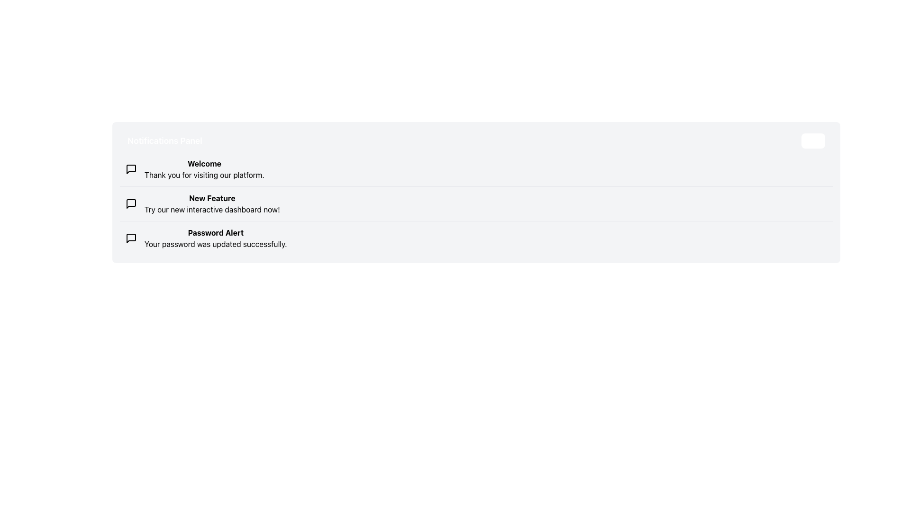 Image resolution: width=910 pixels, height=511 pixels. What do you see at coordinates (211, 209) in the screenshot?
I see `the text element that reads 'Try our new interactive dashboard now!', which is located below the bolded heading 'New Feature'` at bounding box center [211, 209].